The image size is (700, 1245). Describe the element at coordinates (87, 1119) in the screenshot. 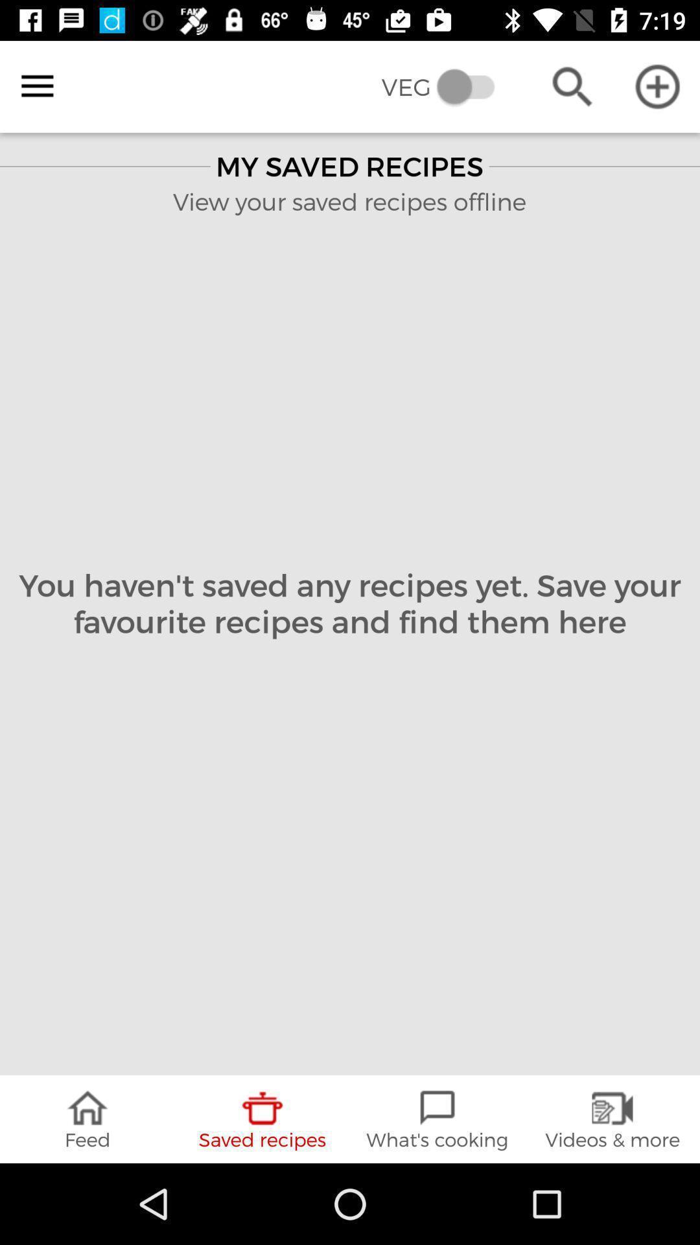

I see `the item to the left of saved recipes item` at that location.